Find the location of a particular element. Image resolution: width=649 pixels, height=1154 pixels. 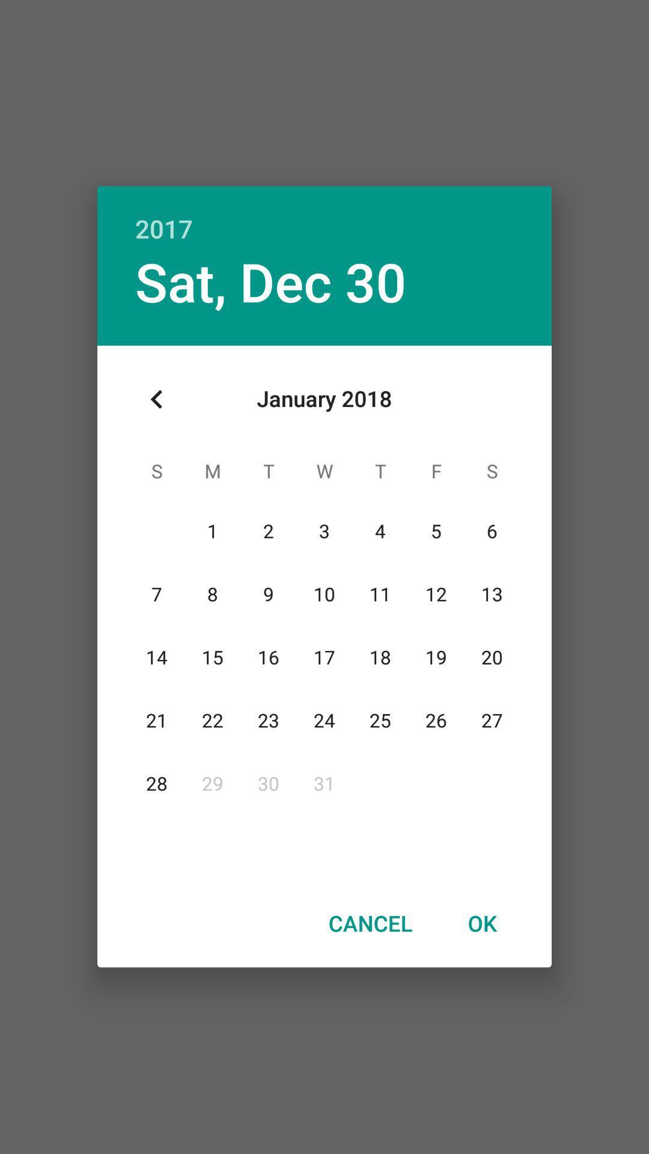

ok is located at coordinates (481, 923).